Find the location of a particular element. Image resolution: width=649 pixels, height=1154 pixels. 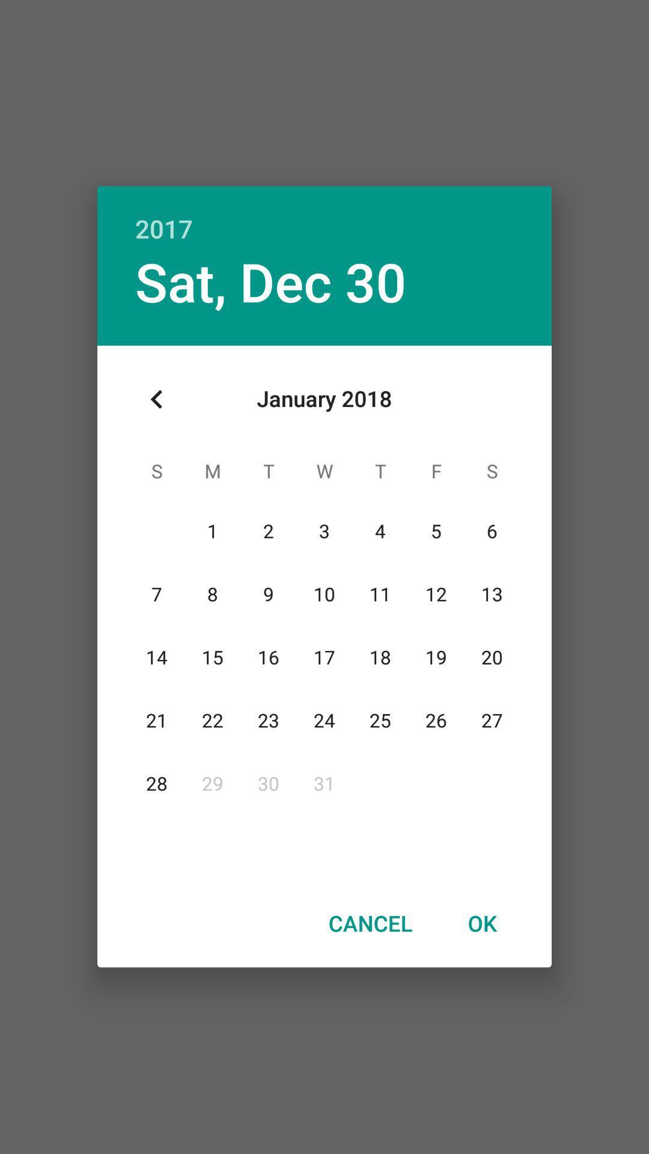

ok is located at coordinates (481, 923).